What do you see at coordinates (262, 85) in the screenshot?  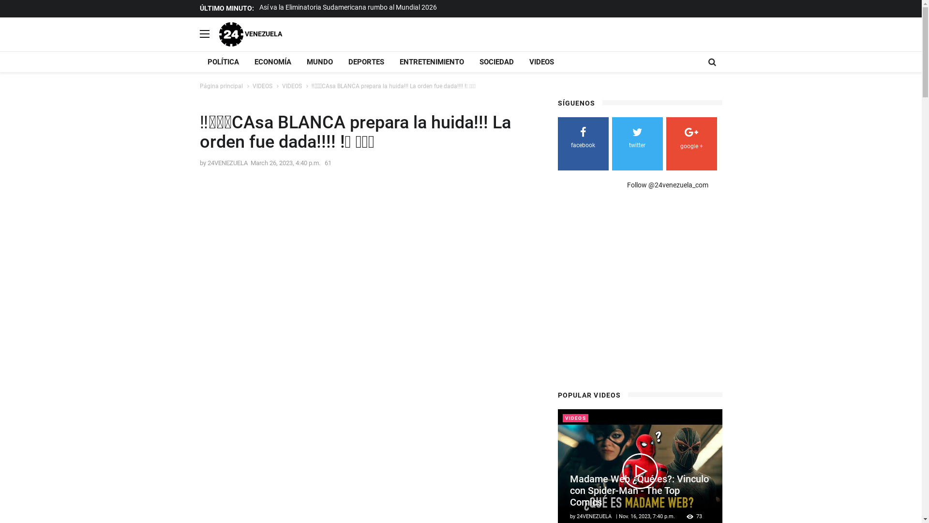 I see `'VIDEOS'` at bounding box center [262, 85].